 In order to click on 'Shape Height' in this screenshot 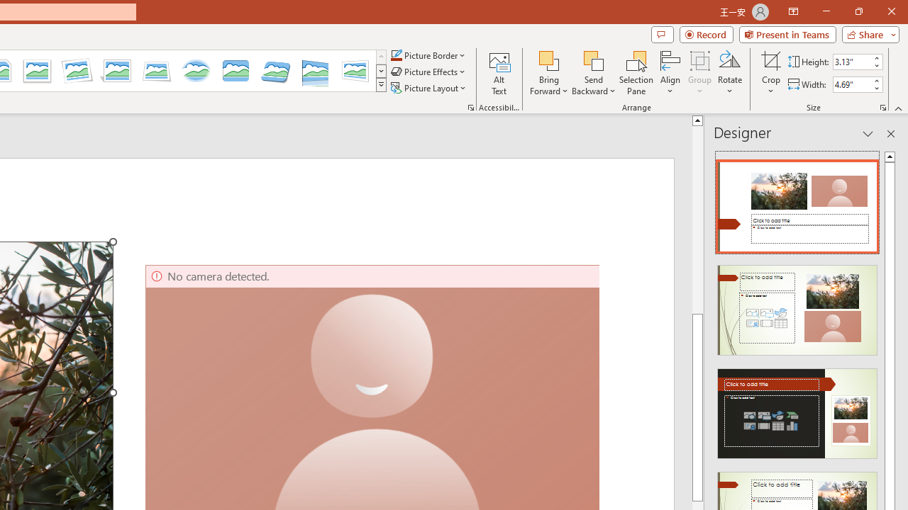, I will do `click(851, 61)`.